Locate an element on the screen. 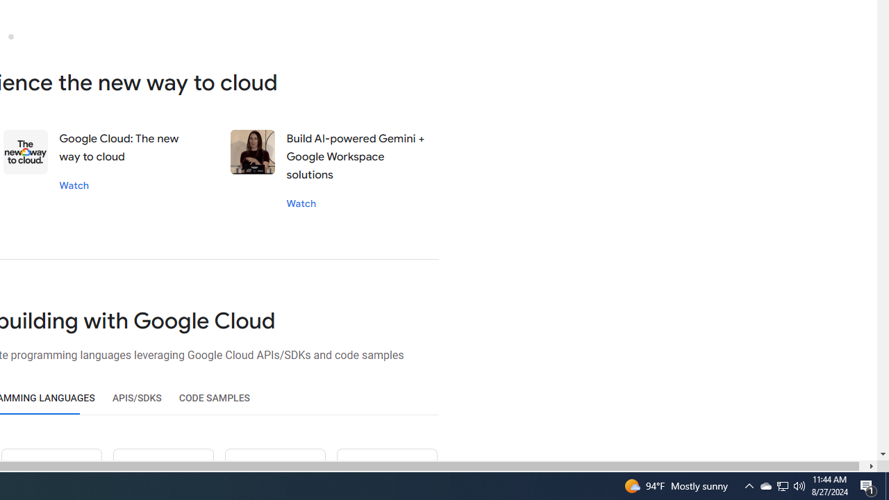 This screenshot has width=889, height=500. 'Watch' is located at coordinates (300, 203).